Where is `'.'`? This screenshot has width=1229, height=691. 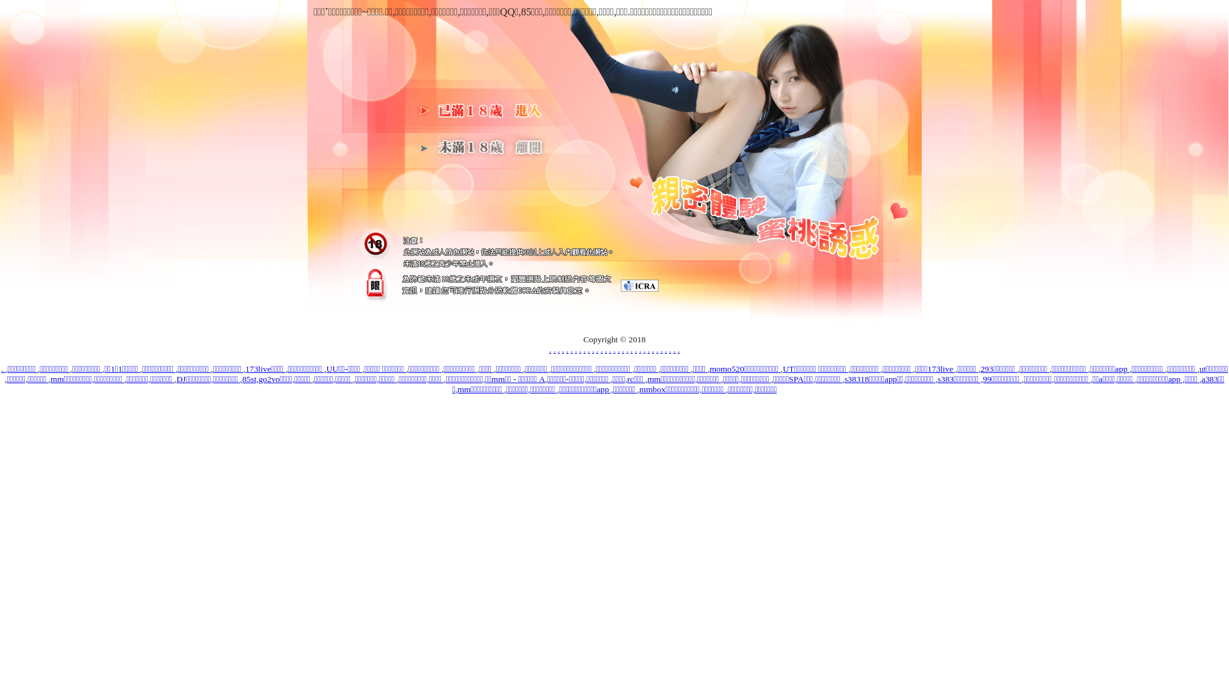 '.' is located at coordinates (550, 349).